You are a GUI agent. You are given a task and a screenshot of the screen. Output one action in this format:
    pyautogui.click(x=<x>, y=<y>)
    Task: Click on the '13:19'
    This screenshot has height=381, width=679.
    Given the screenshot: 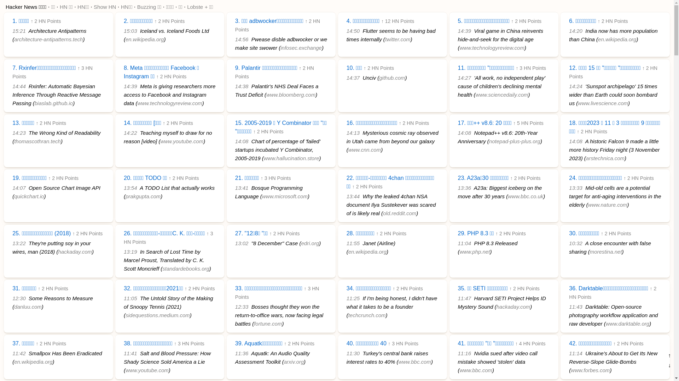 What is the action you would take?
    pyautogui.click(x=130, y=251)
    